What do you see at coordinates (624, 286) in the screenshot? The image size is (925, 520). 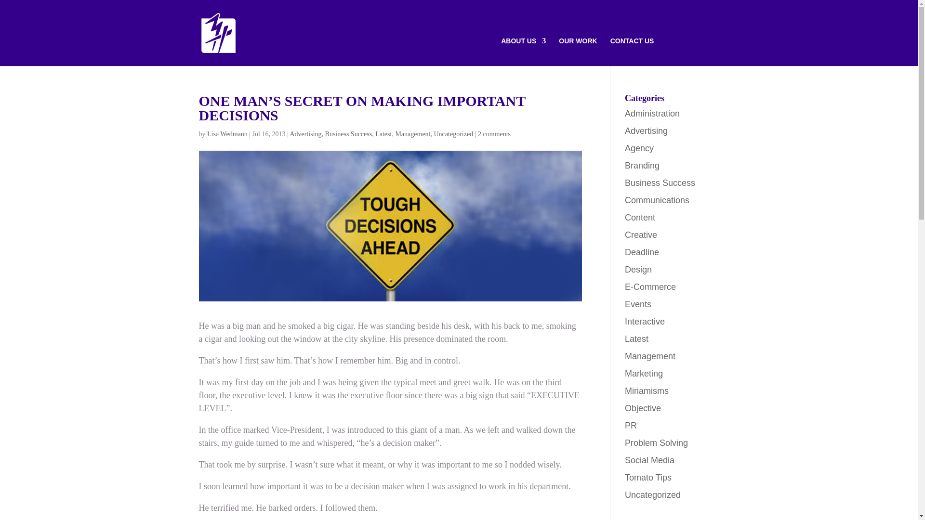 I see `'E-Commerce'` at bounding box center [624, 286].